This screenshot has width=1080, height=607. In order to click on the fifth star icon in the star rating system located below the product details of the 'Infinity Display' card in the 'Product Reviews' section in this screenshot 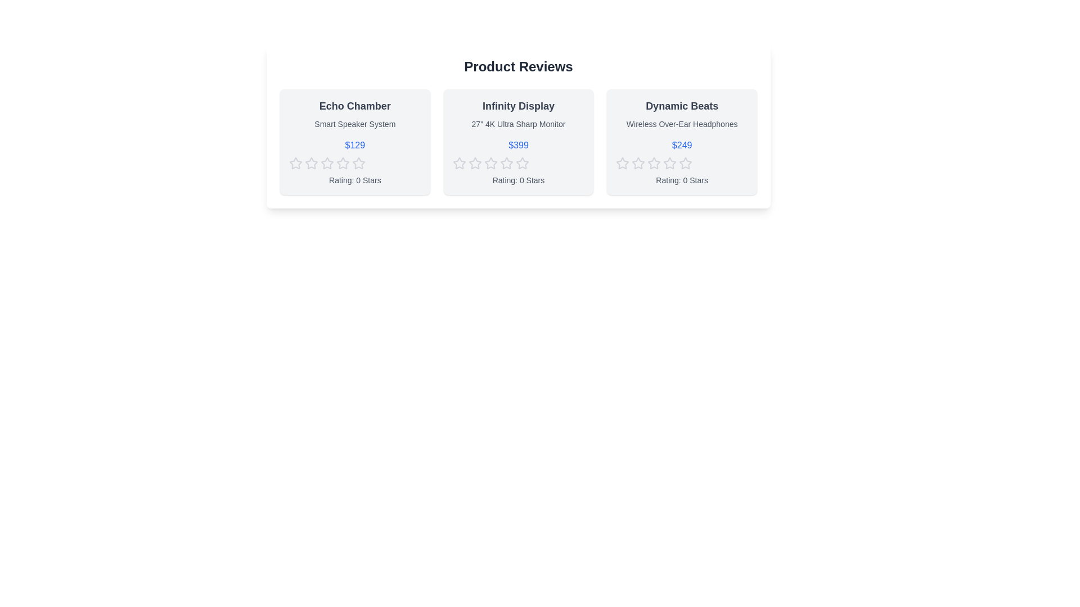, I will do `click(521, 163)`.